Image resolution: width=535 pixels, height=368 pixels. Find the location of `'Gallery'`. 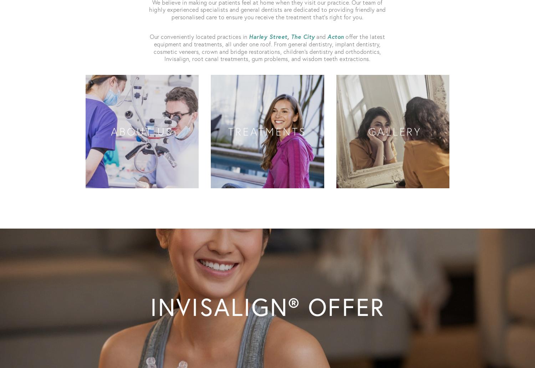

'Gallery' is located at coordinates (392, 131).